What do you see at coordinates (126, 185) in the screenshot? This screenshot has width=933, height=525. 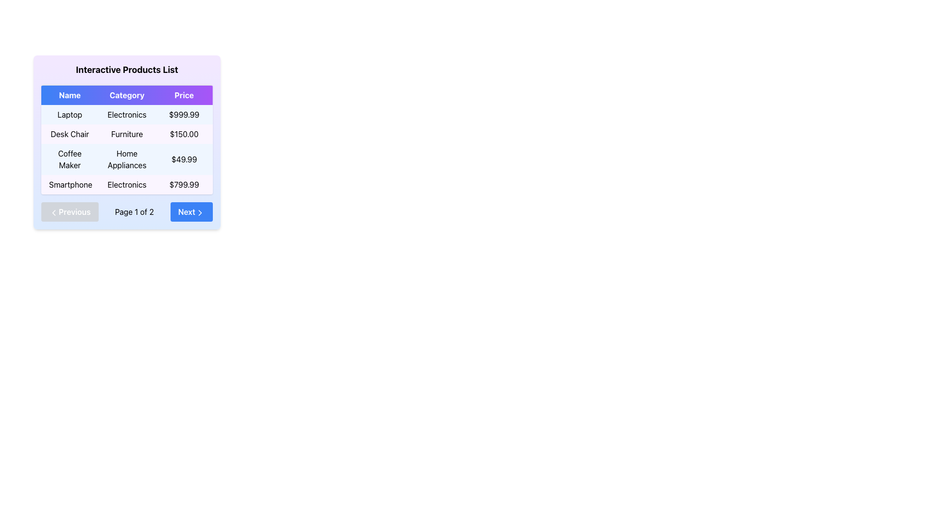 I see `the 'Electronics' text label, which is bold and black, located in the second column of the row labeled 'Smartphone' in the fourth row of the table` at bounding box center [126, 185].